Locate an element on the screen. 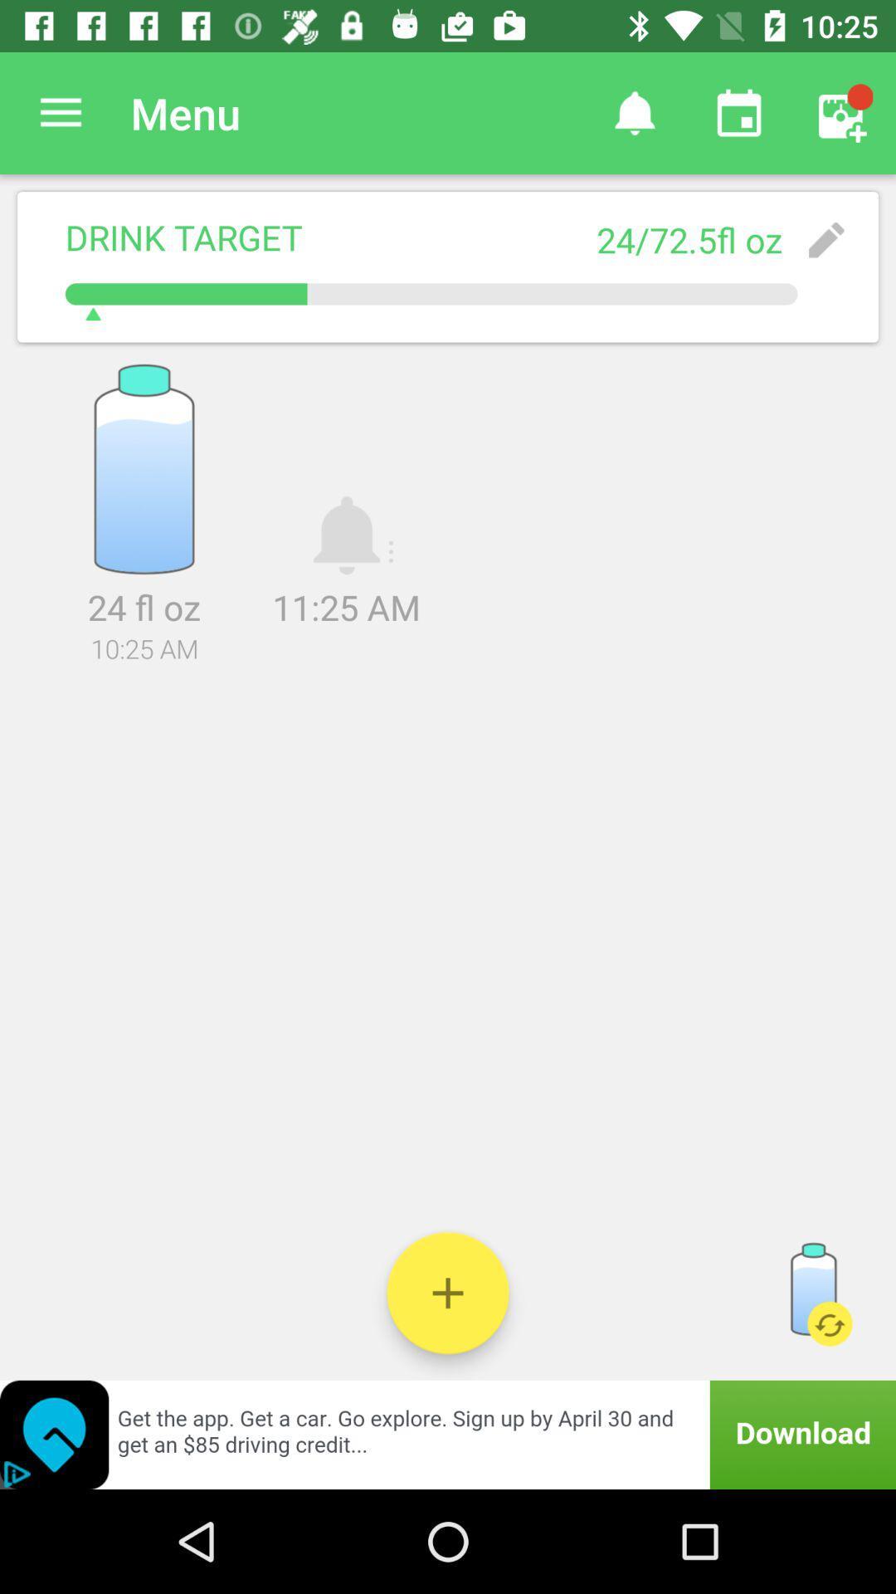  download advertisement app is located at coordinates (448, 1434).